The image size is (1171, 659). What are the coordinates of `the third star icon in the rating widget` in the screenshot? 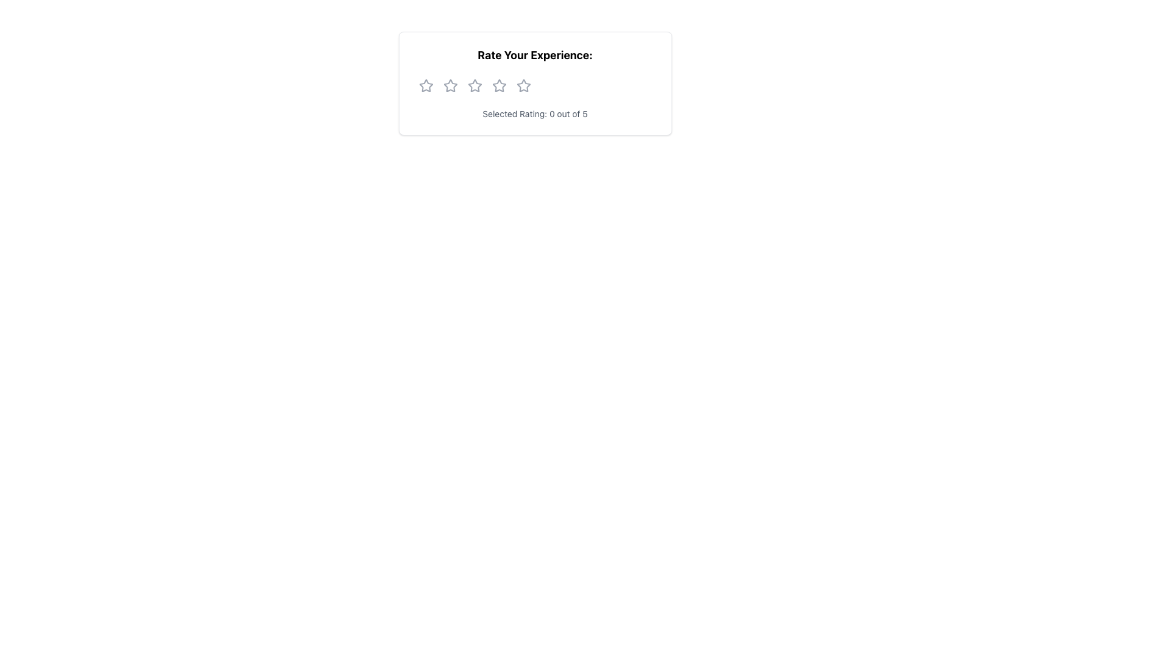 It's located at (523, 85).